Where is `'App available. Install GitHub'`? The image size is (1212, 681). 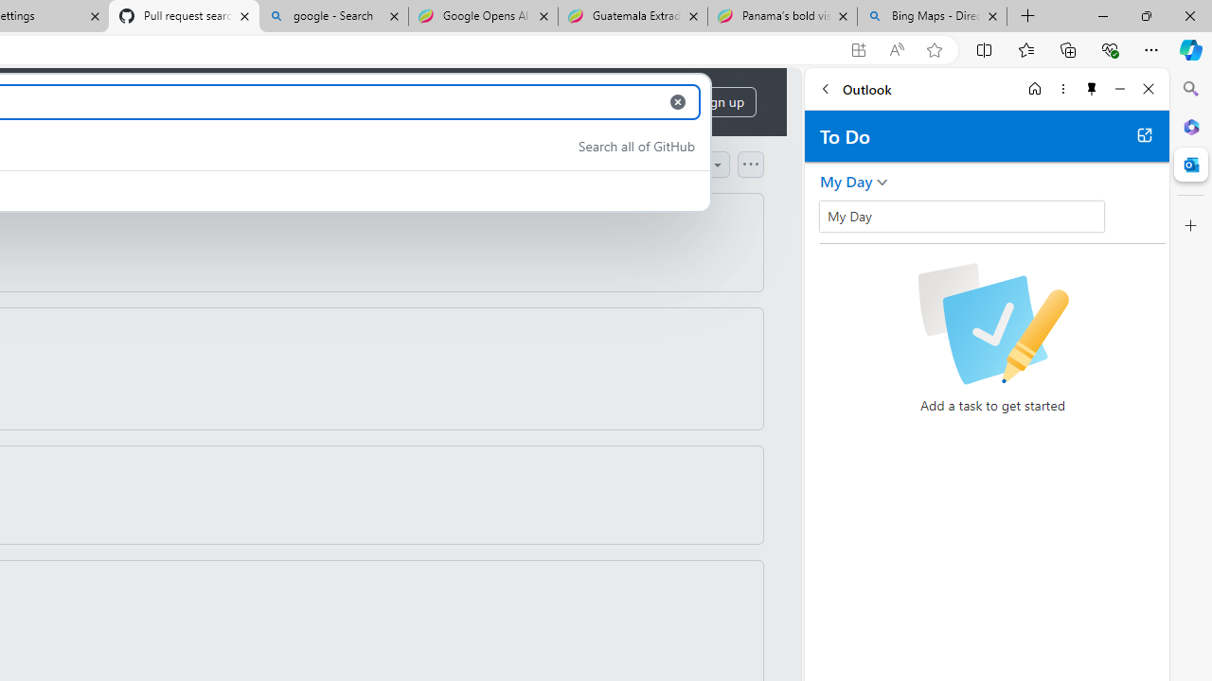 'App available. Install GitHub' is located at coordinates (857, 49).